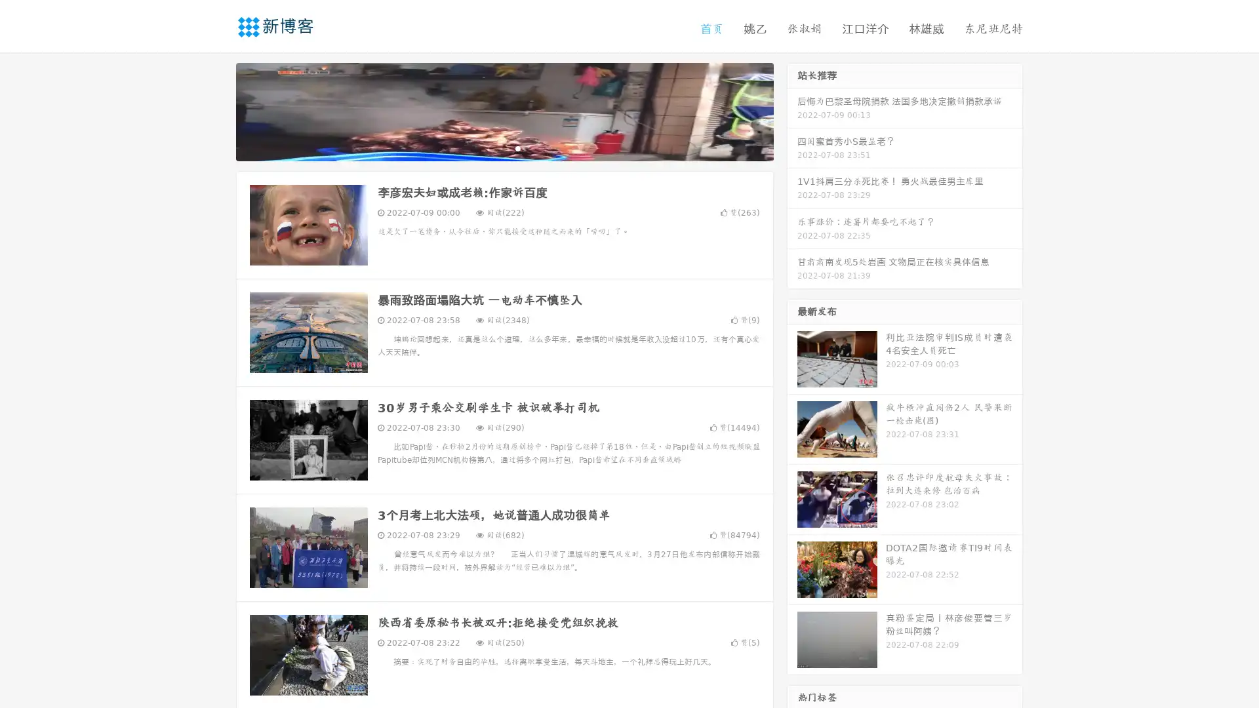  What do you see at coordinates (517, 147) in the screenshot?
I see `Go to slide 3` at bounding box center [517, 147].